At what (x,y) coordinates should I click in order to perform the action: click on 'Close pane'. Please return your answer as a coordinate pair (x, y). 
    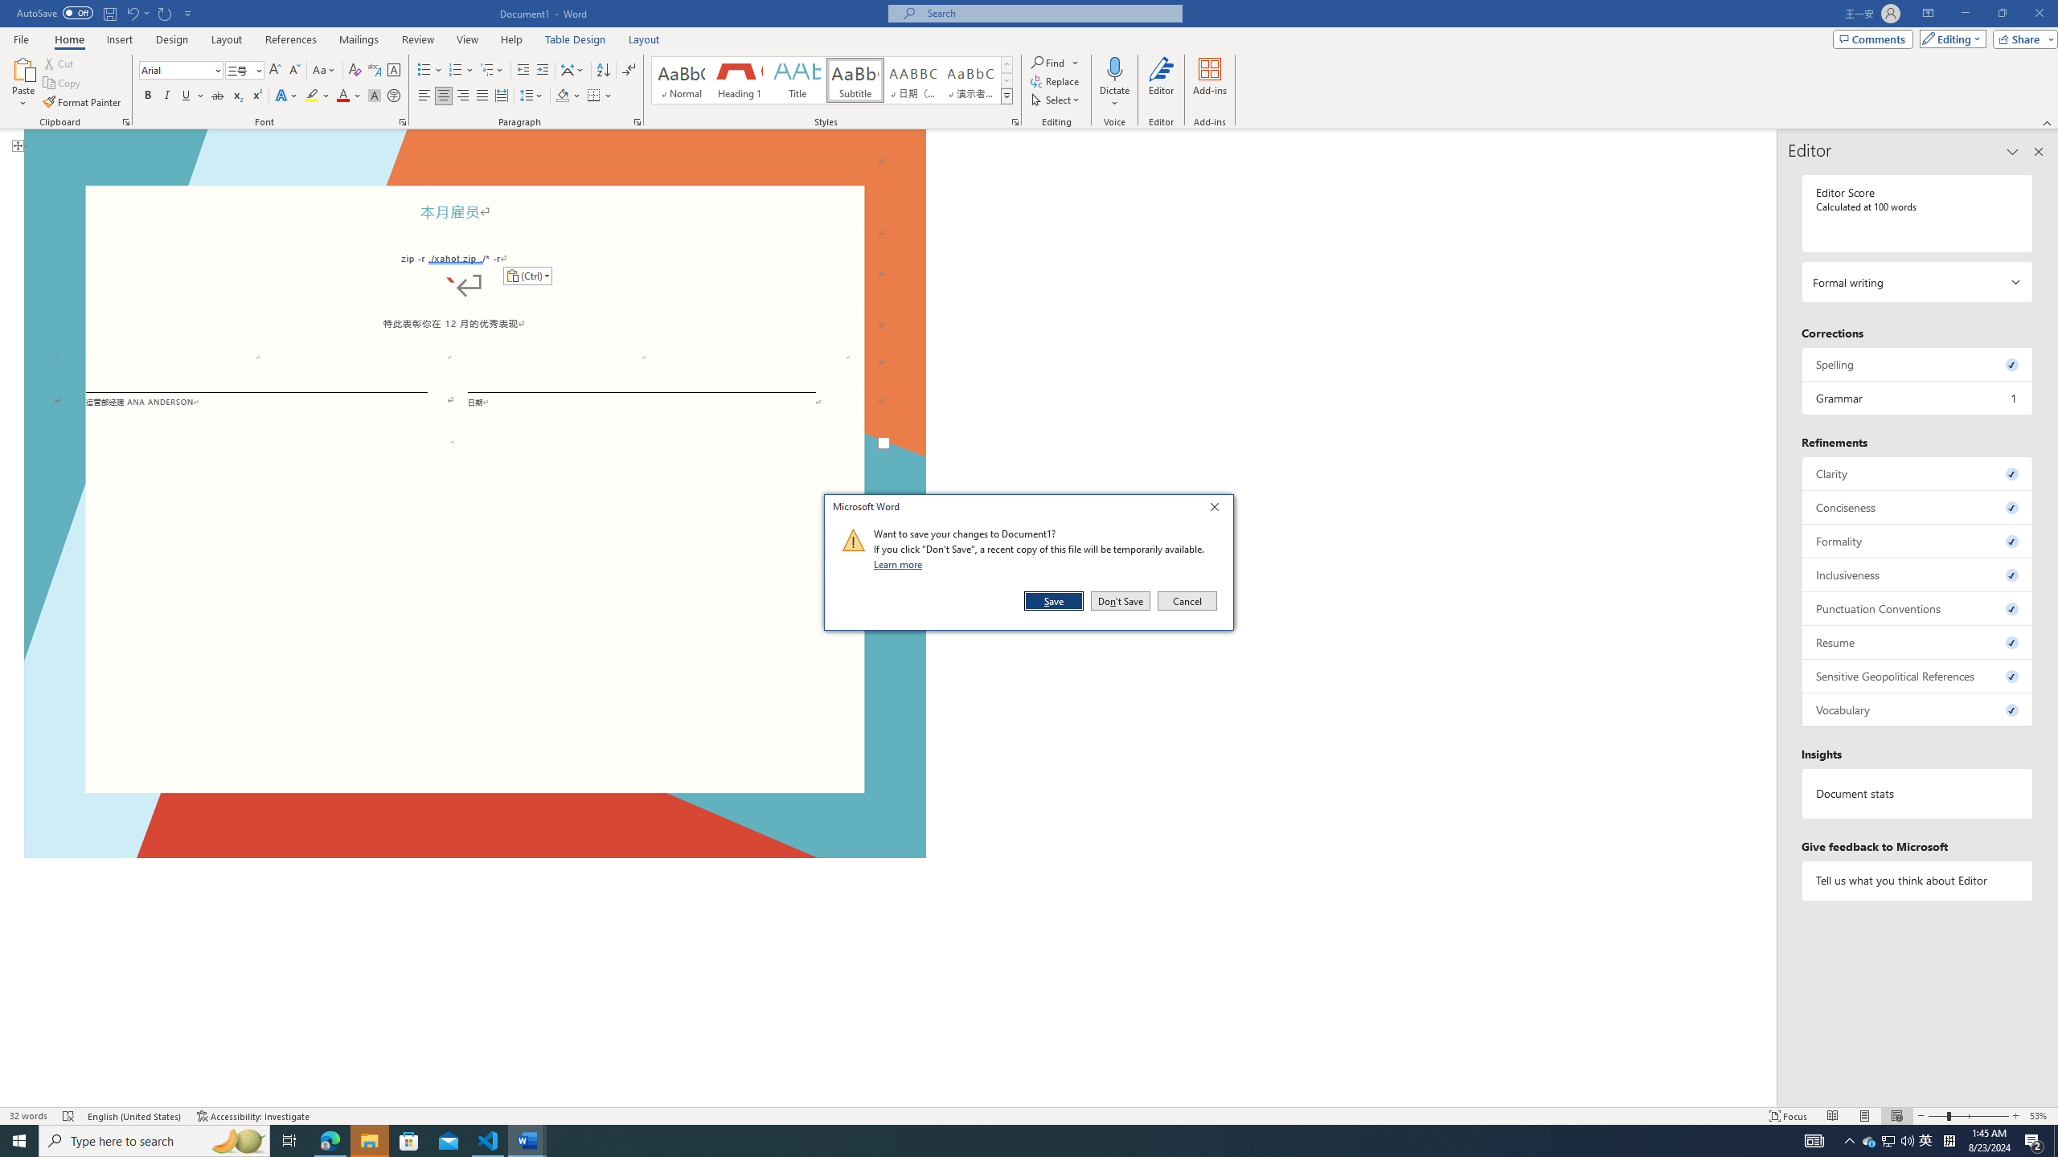
    Looking at the image, I should click on (2038, 151).